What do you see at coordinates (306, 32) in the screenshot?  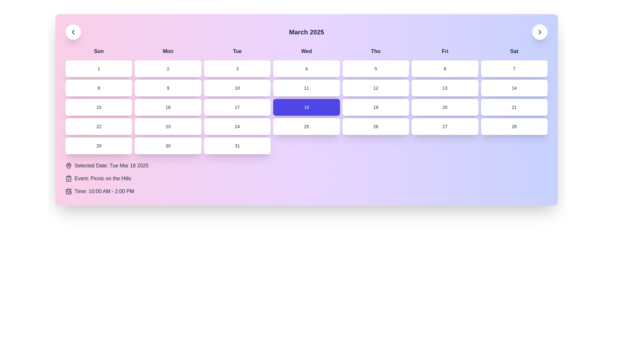 I see `the Text display heading that shows 'March 2025'` at bounding box center [306, 32].